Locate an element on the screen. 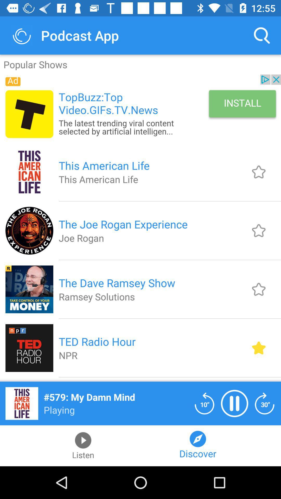 This screenshot has width=281, height=499. the pause icon is located at coordinates (234, 403).